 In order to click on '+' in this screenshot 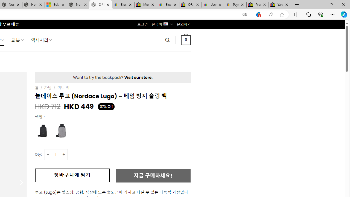, I will do `click(64, 154)`.